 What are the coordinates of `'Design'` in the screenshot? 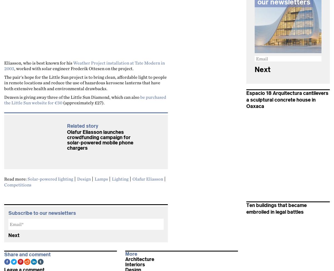 It's located at (84, 179).